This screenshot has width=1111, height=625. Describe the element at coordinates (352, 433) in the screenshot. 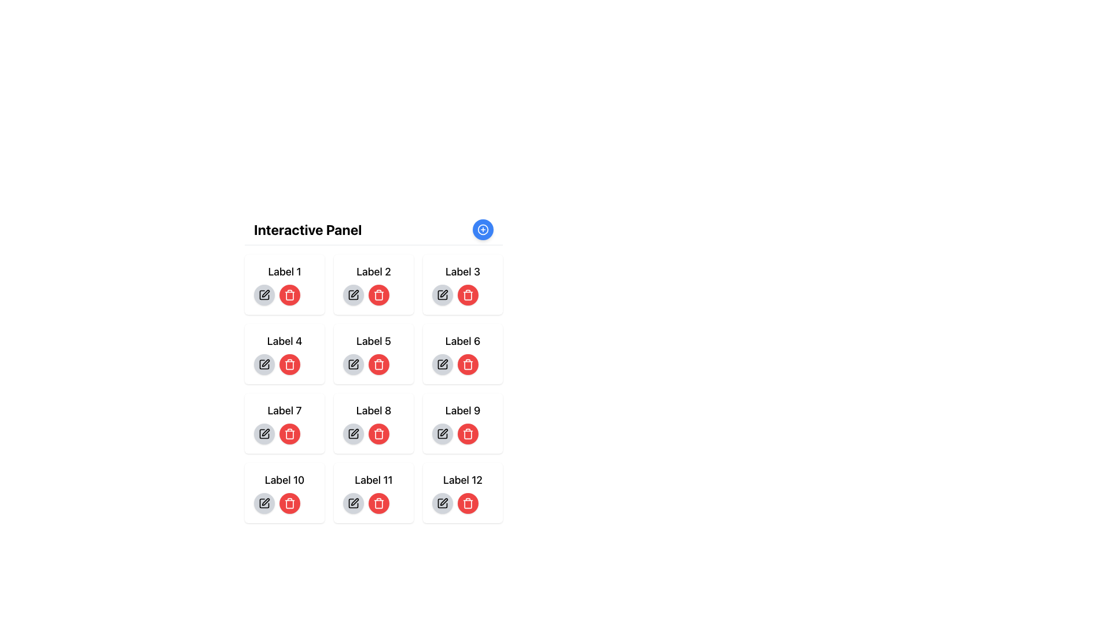

I see `the edit button located in the eighth row and first column of the grid layout` at that location.